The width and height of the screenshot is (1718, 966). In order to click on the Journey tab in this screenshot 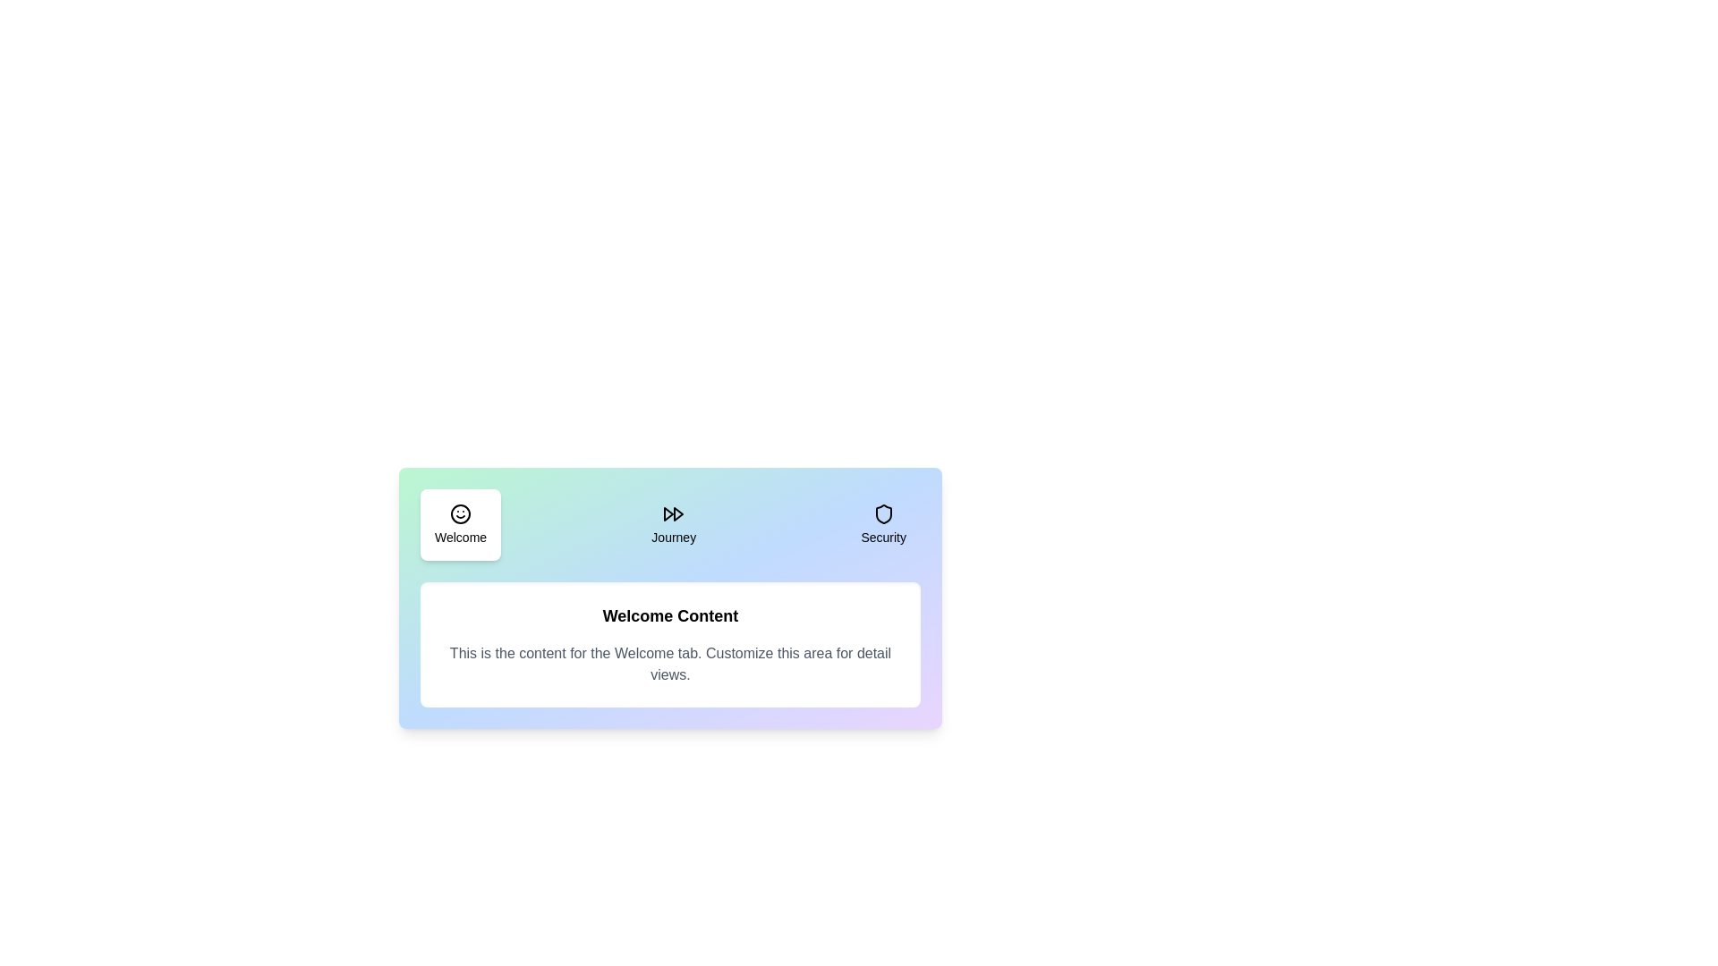, I will do `click(673, 523)`.